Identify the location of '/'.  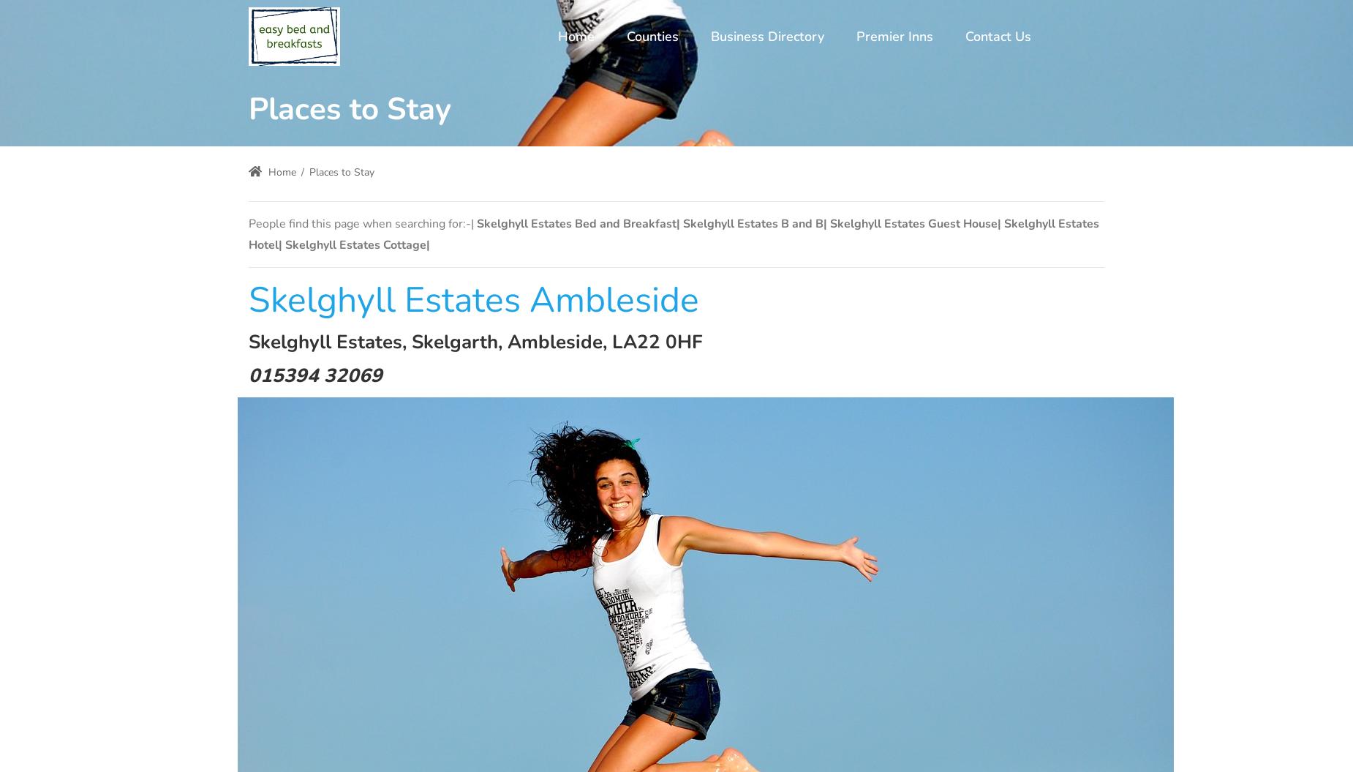
(302, 170).